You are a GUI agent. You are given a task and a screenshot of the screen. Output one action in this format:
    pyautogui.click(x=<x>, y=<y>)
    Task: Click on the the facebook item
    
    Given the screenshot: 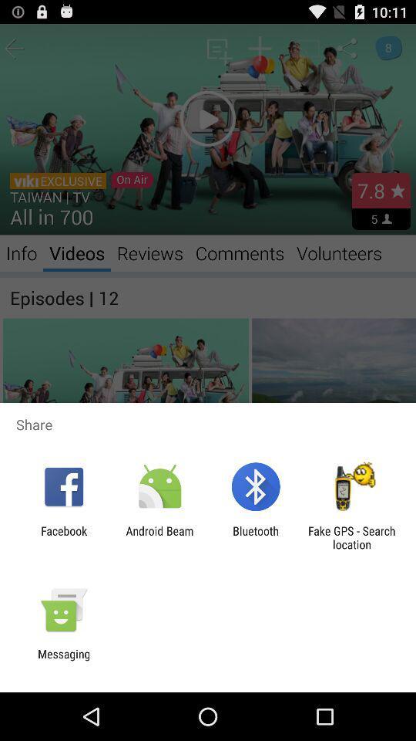 What is the action you would take?
    pyautogui.click(x=63, y=537)
    